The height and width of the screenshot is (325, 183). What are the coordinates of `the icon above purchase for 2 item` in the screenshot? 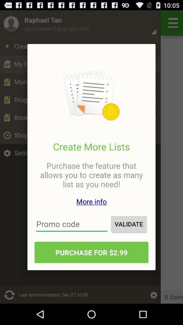 It's located at (129, 224).